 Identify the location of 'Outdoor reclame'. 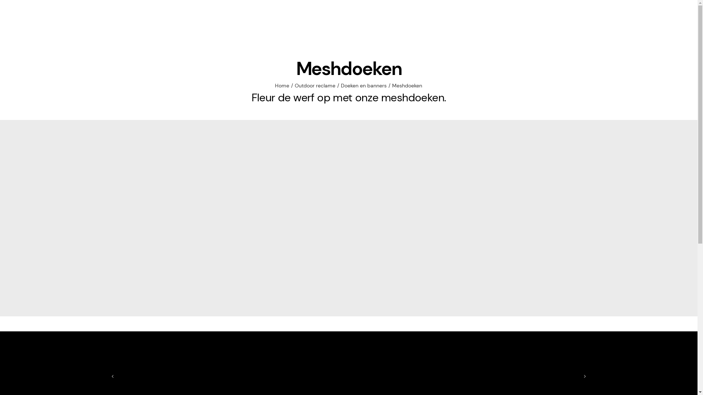
(315, 85).